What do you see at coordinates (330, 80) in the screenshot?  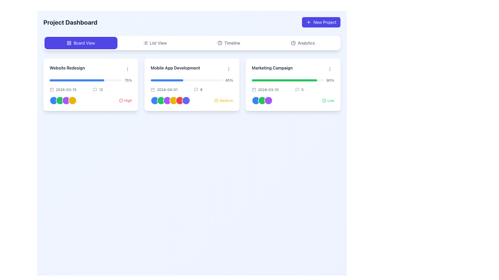 I see `percentage displayed in the text label showing '90%' at the rightmost end of the green progress bar in the 'Marketing Campaign' card` at bounding box center [330, 80].